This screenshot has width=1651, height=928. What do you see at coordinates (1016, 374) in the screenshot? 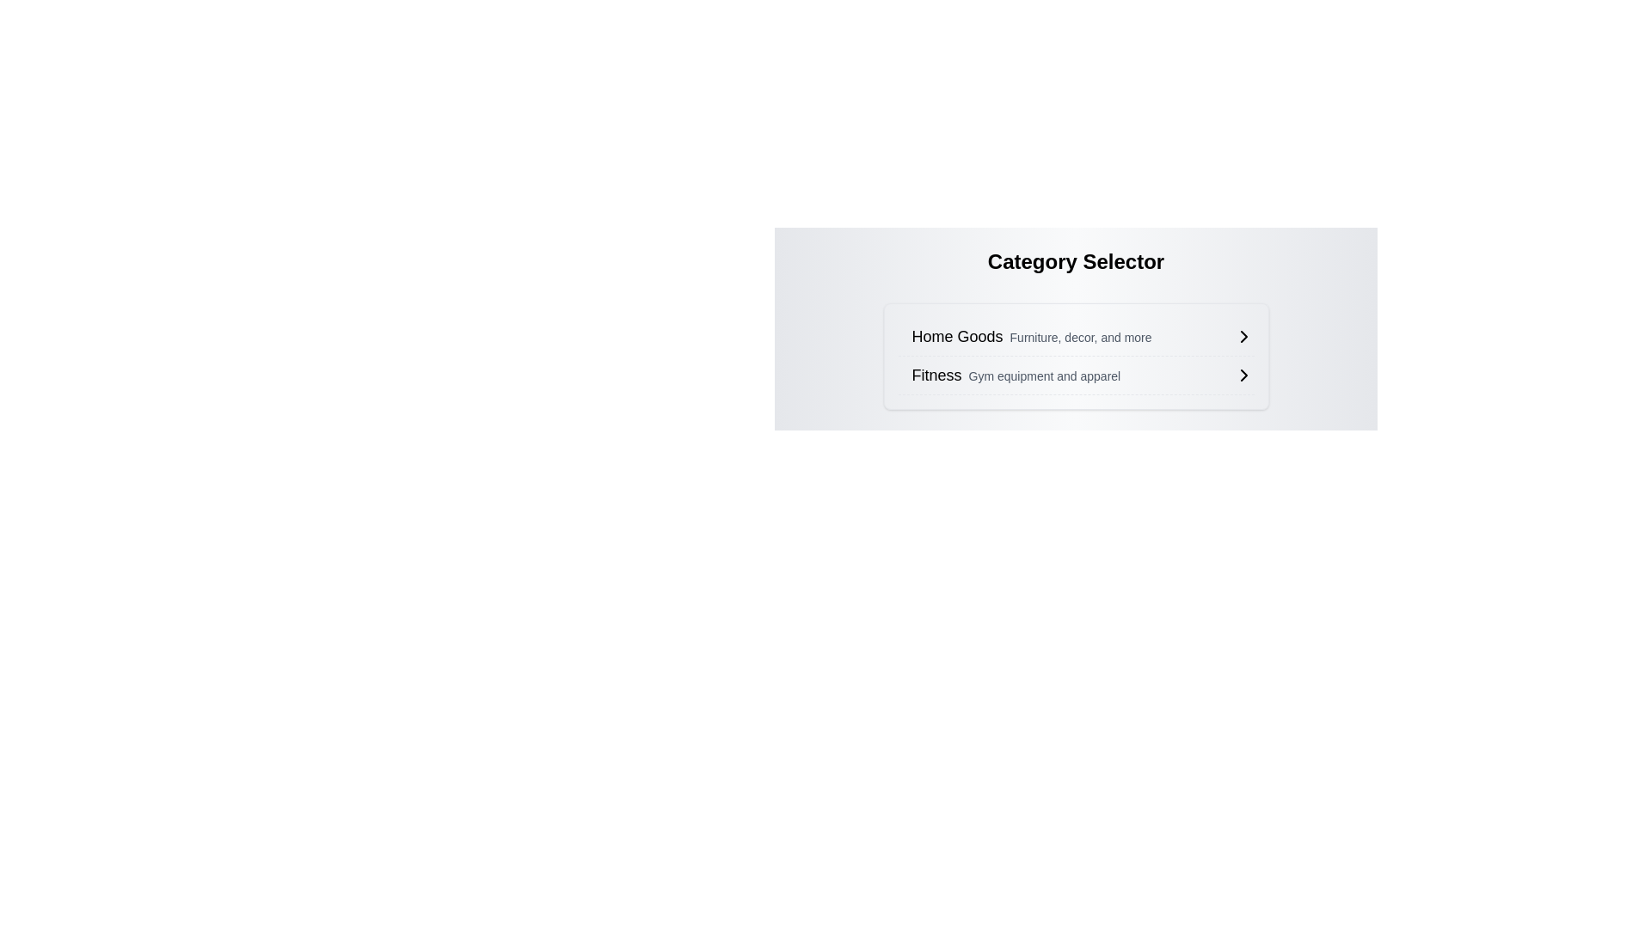
I see `the 'Fitness' category label, which displays 'Fitness' prominently in a larger, bold font` at bounding box center [1016, 374].